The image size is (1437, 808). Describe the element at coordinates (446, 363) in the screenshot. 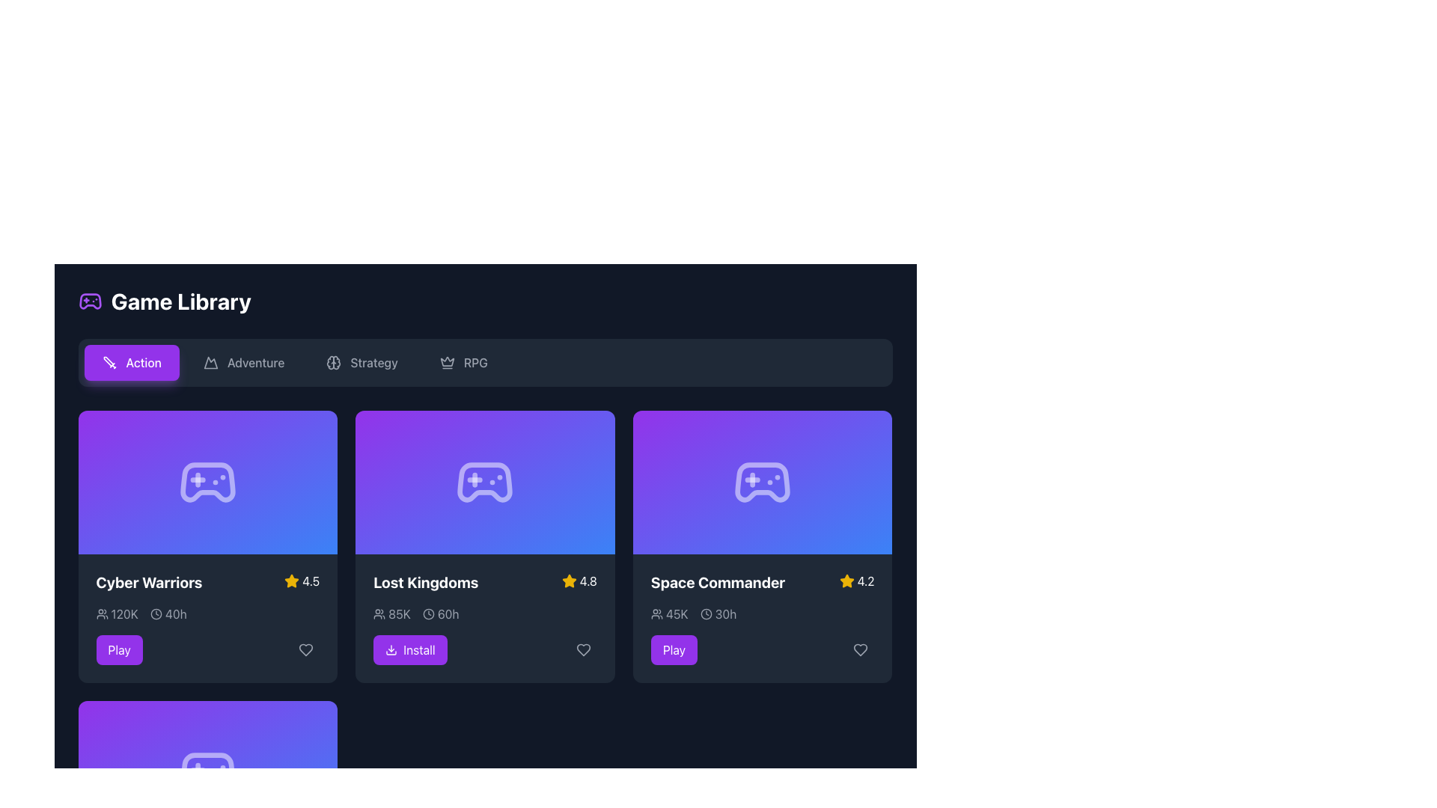

I see `the crown icon located in the 'RPG' interactive button group, positioned left of the 'RPG' text in the top navigation bar` at that location.